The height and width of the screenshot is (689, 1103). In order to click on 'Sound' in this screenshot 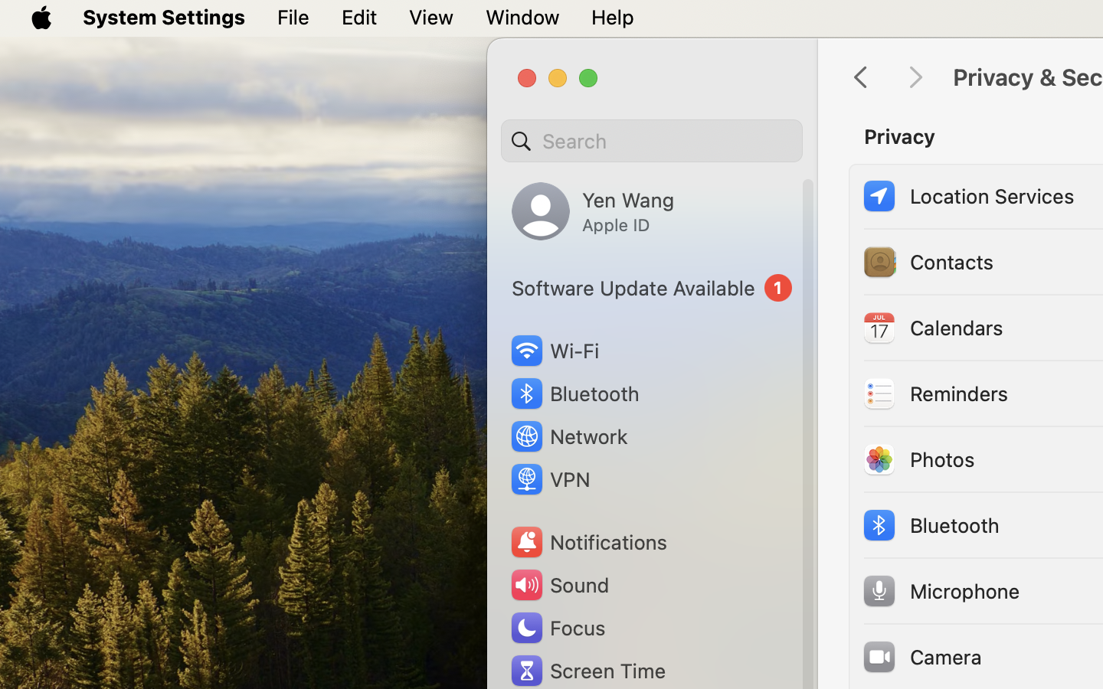, I will do `click(558, 584)`.